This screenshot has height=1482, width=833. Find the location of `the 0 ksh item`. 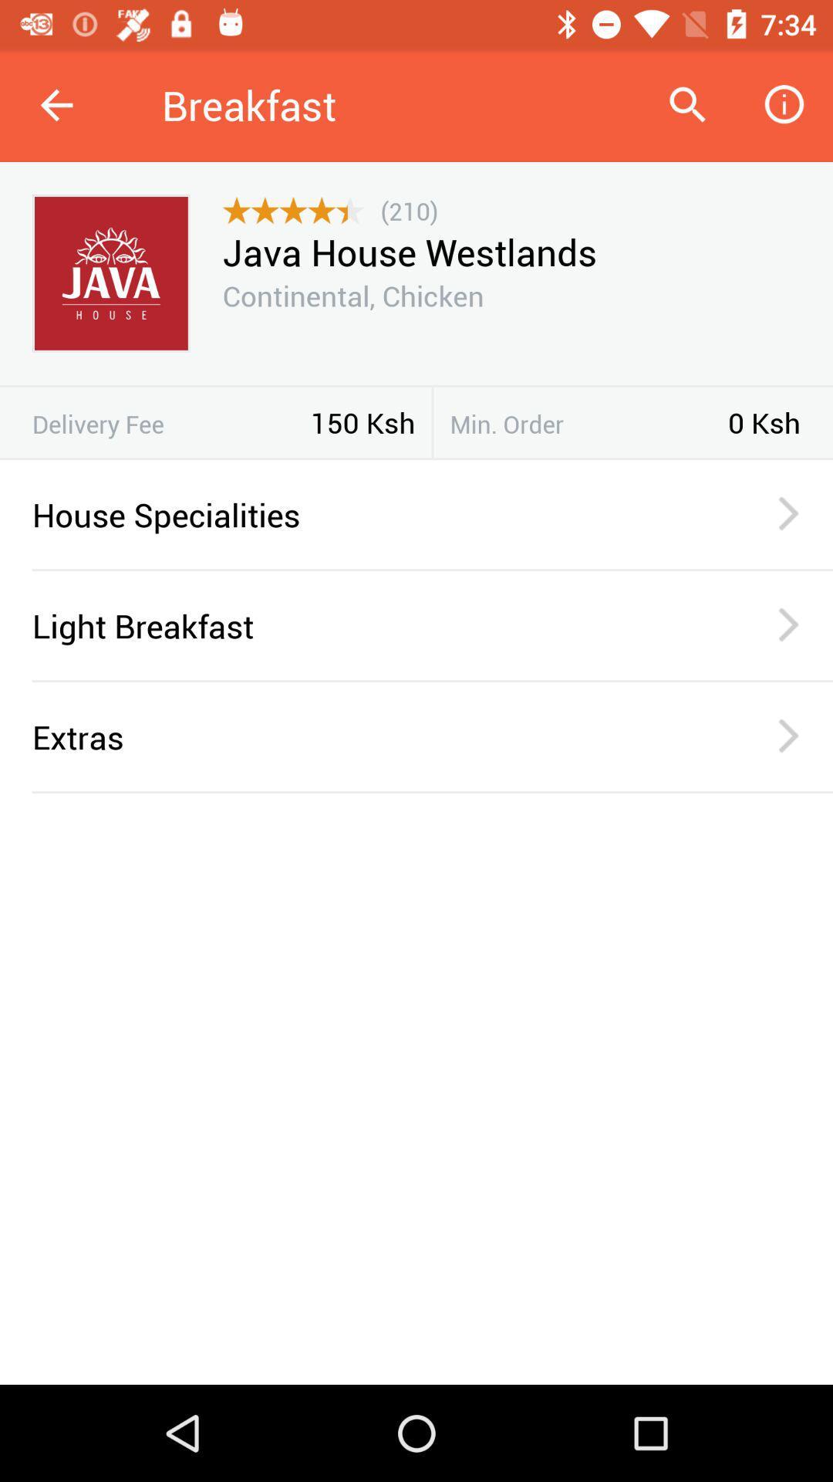

the 0 ksh item is located at coordinates (764, 422).